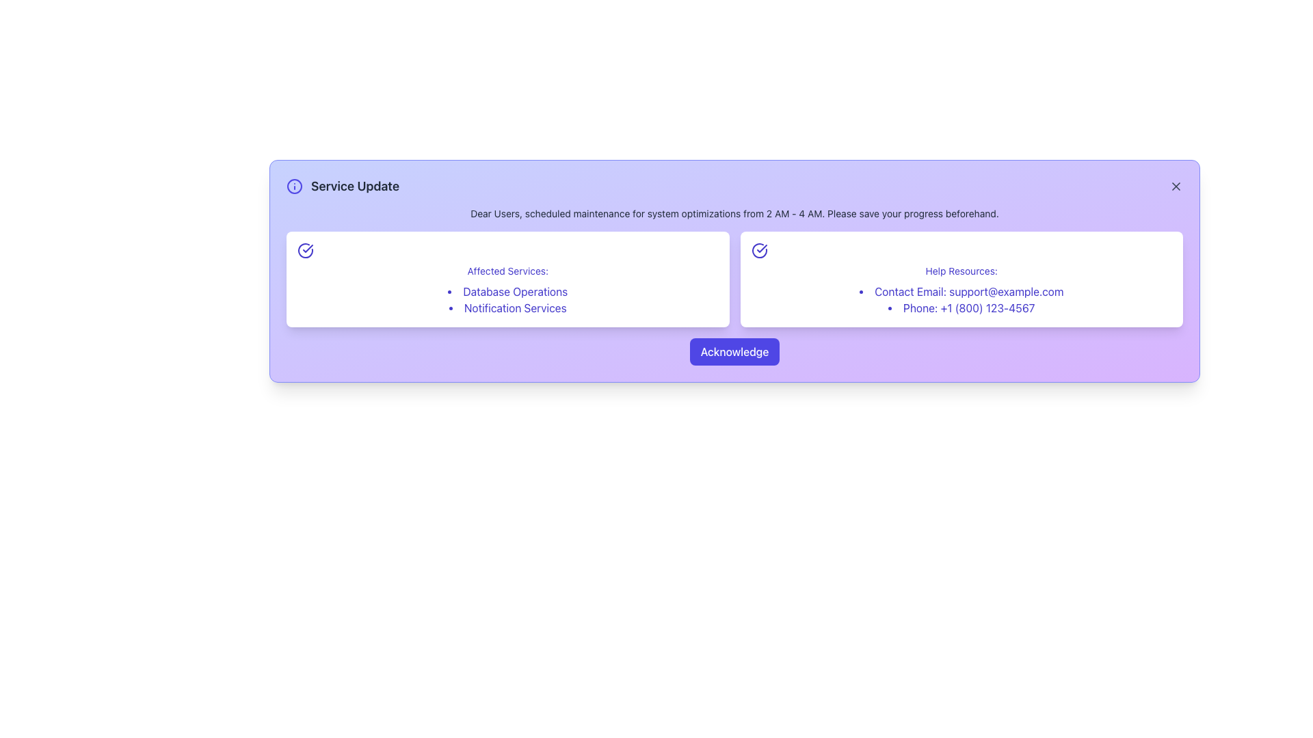  Describe the element at coordinates (355, 187) in the screenshot. I see `the title text of the notification card located in the header section, positioned to the right of the icon` at that location.